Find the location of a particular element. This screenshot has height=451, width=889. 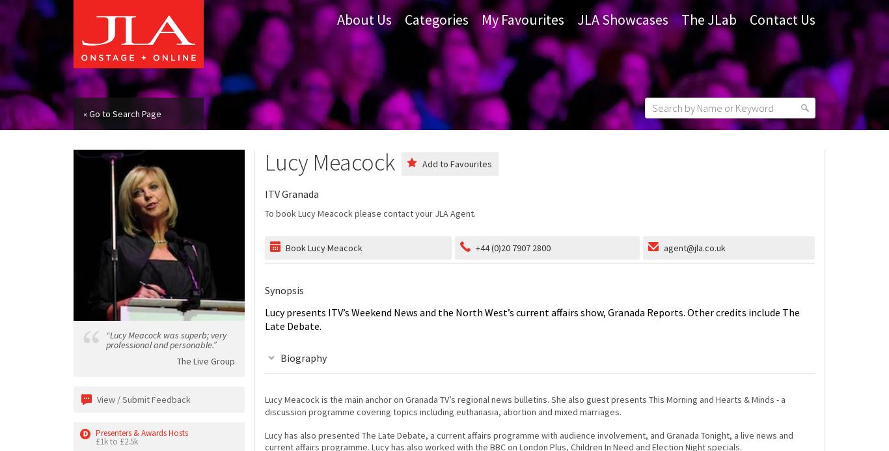

'£1k to £2.5k' is located at coordinates (94, 440).